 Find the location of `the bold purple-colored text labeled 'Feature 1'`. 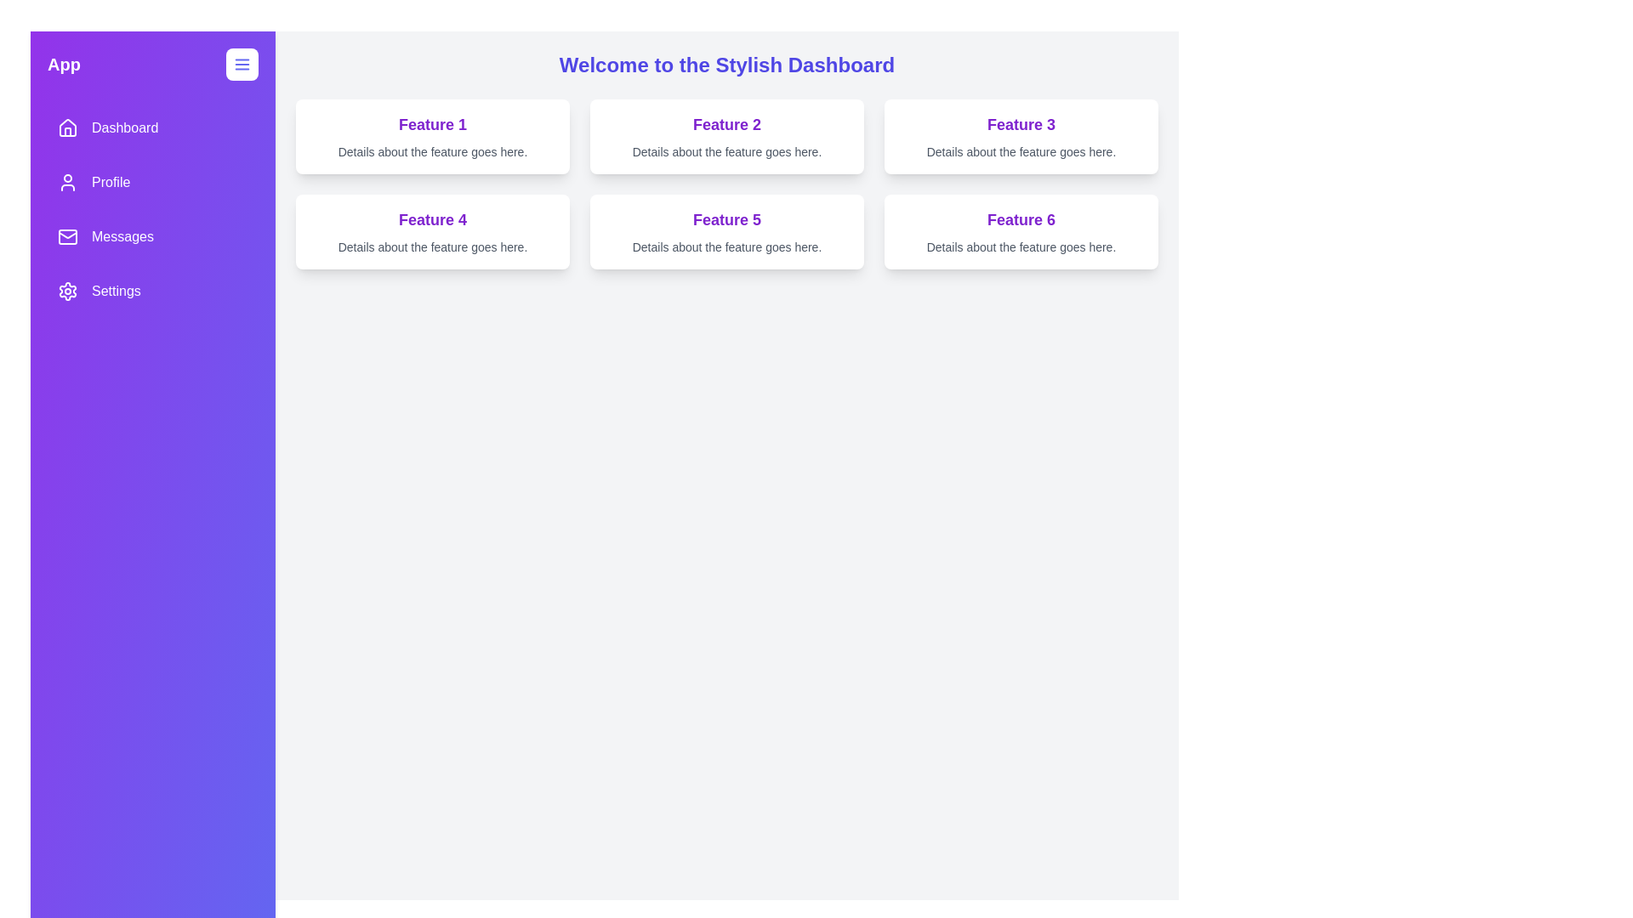

the bold purple-colored text labeled 'Feature 1' is located at coordinates (432, 123).